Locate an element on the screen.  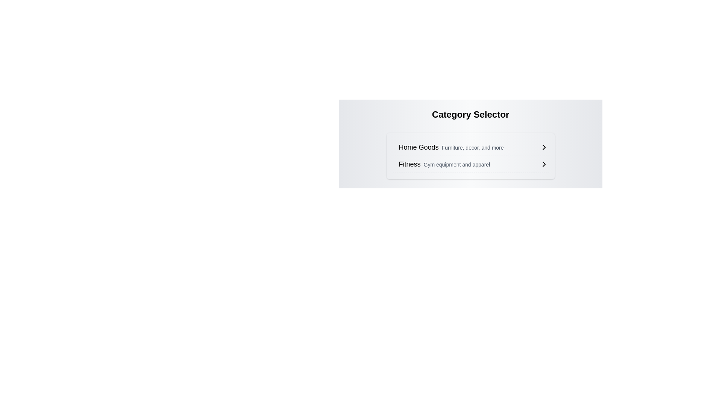
the chevron icon located on the right side of the 'Fitness' row, next to the text 'Gym equipment and apparel', to proceed to further details is located at coordinates (544, 164).